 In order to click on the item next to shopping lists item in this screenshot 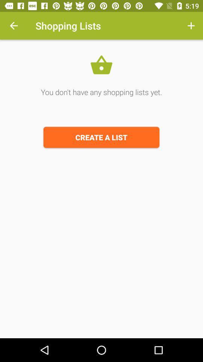, I will do `click(14, 26)`.